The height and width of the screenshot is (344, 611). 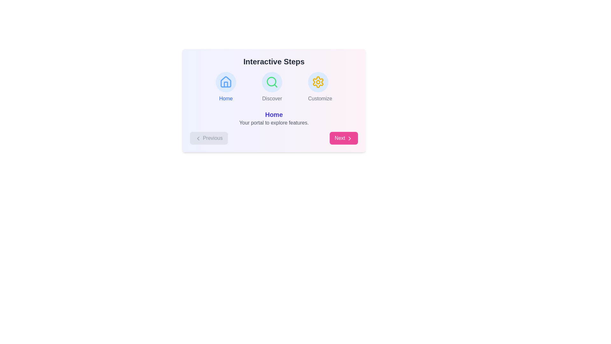 I want to click on the descriptive header section for the 'Home' feature, which is centrally aligned and located below the clickable icons and above the navigation buttons, so click(x=274, y=118).